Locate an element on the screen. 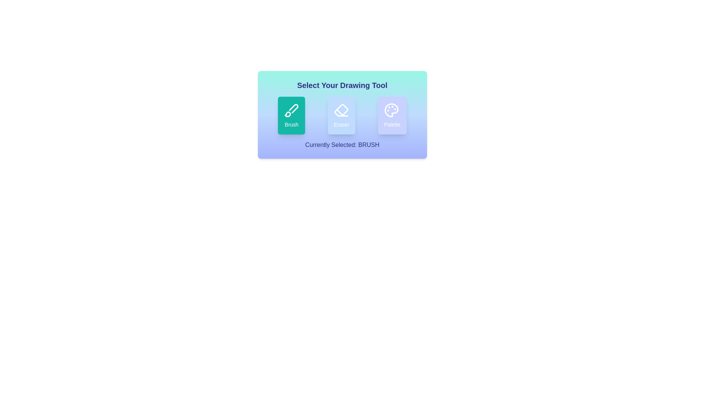 The width and height of the screenshot is (725, 408). the Brush button to see the hover animation is located at coordinates (291, 115).